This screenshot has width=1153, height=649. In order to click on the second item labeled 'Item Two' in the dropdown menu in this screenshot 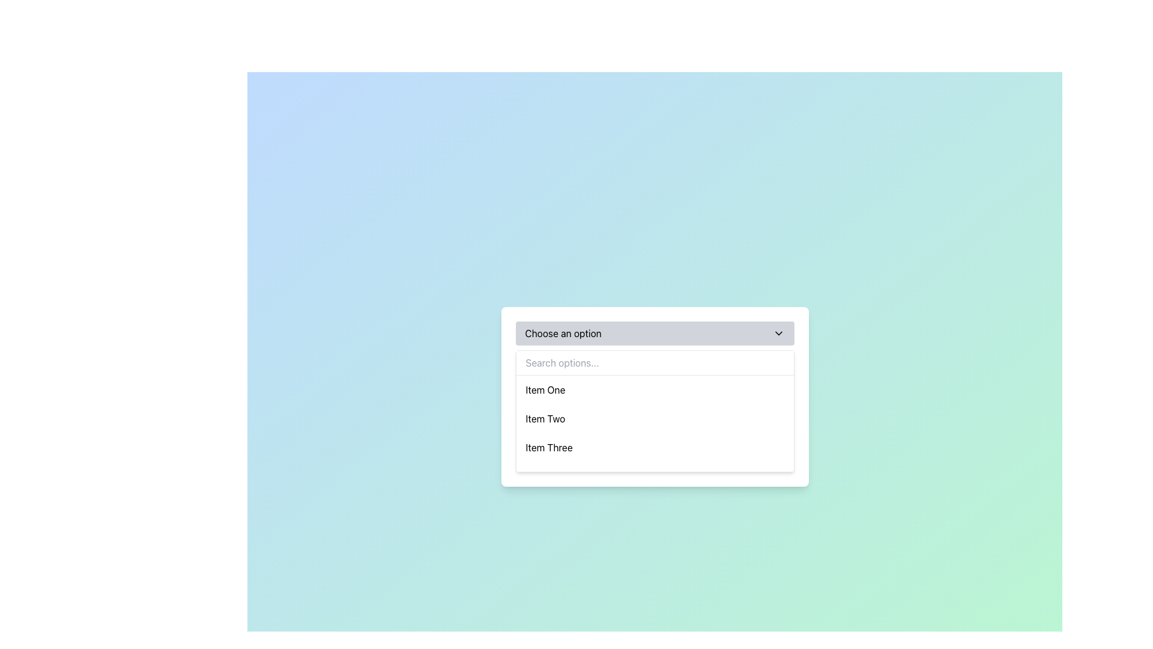, I will do `click(654, 410)`.